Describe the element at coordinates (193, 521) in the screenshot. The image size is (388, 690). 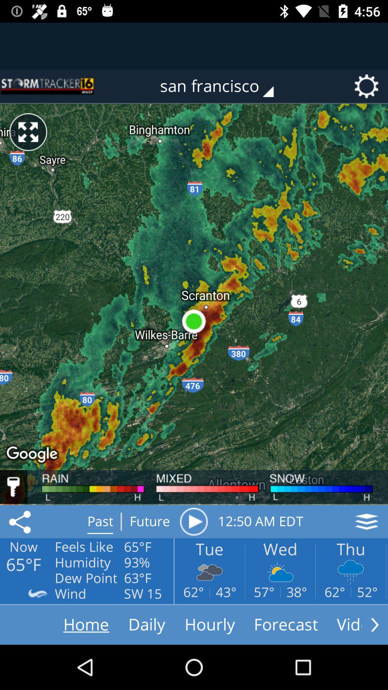
I see `play` at that location.